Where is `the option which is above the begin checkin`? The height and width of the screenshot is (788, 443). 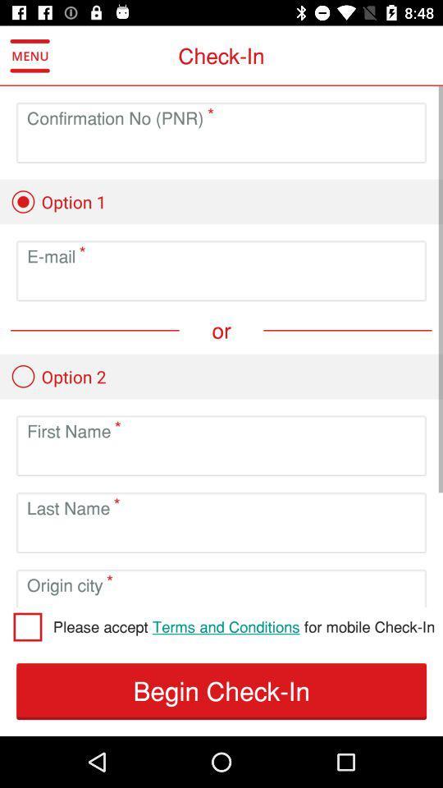
the option which is above the begin checkin is located at coordinates (243, 625).